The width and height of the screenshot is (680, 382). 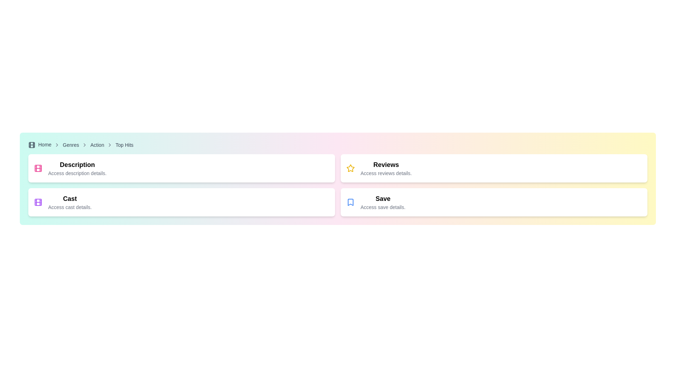 I want to click on the decorative rating icon located in the top-right quadrant of the interface within the 'Reviews' card, adjacent to the 'Reviews' text, so click(x=350, y=168).